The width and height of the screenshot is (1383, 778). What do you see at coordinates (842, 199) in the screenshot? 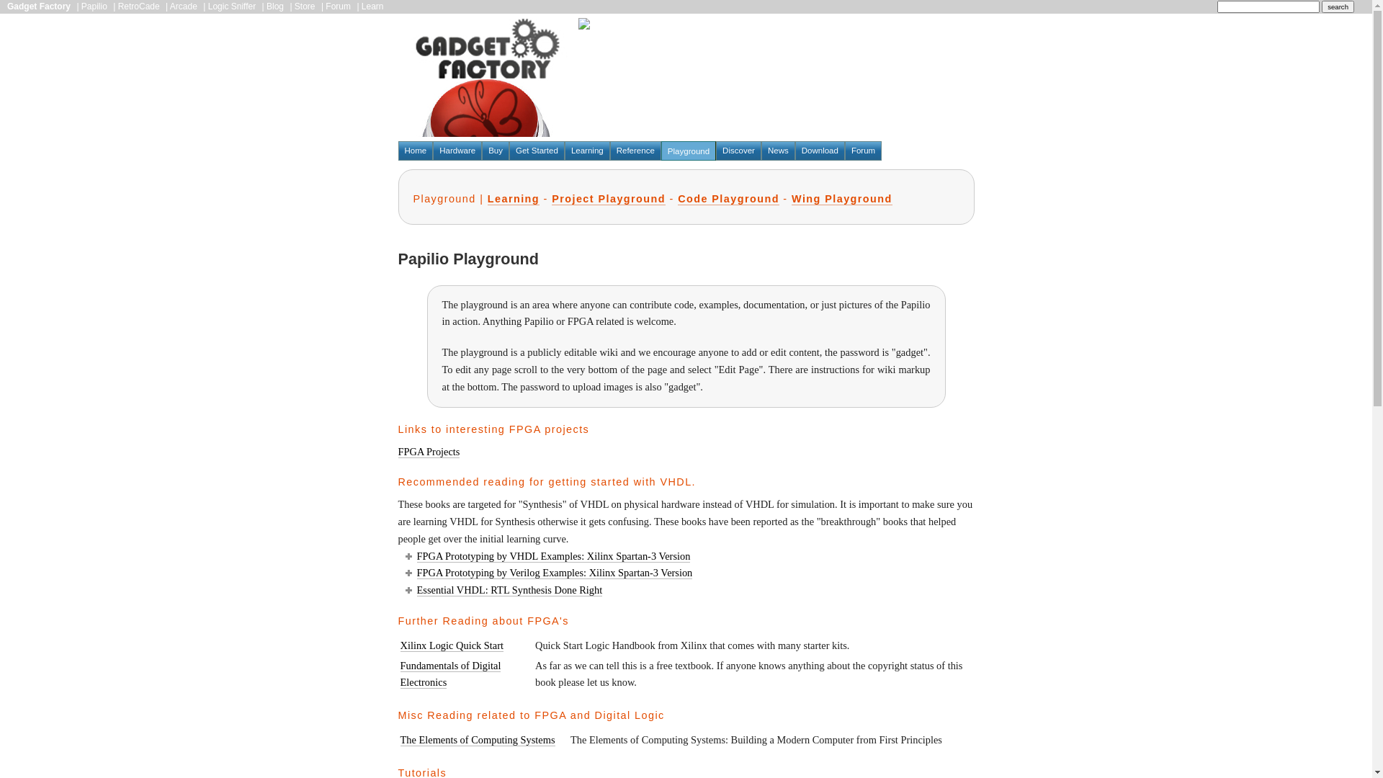
I see `'Wing Playground'` at bounding box center [842, 199].